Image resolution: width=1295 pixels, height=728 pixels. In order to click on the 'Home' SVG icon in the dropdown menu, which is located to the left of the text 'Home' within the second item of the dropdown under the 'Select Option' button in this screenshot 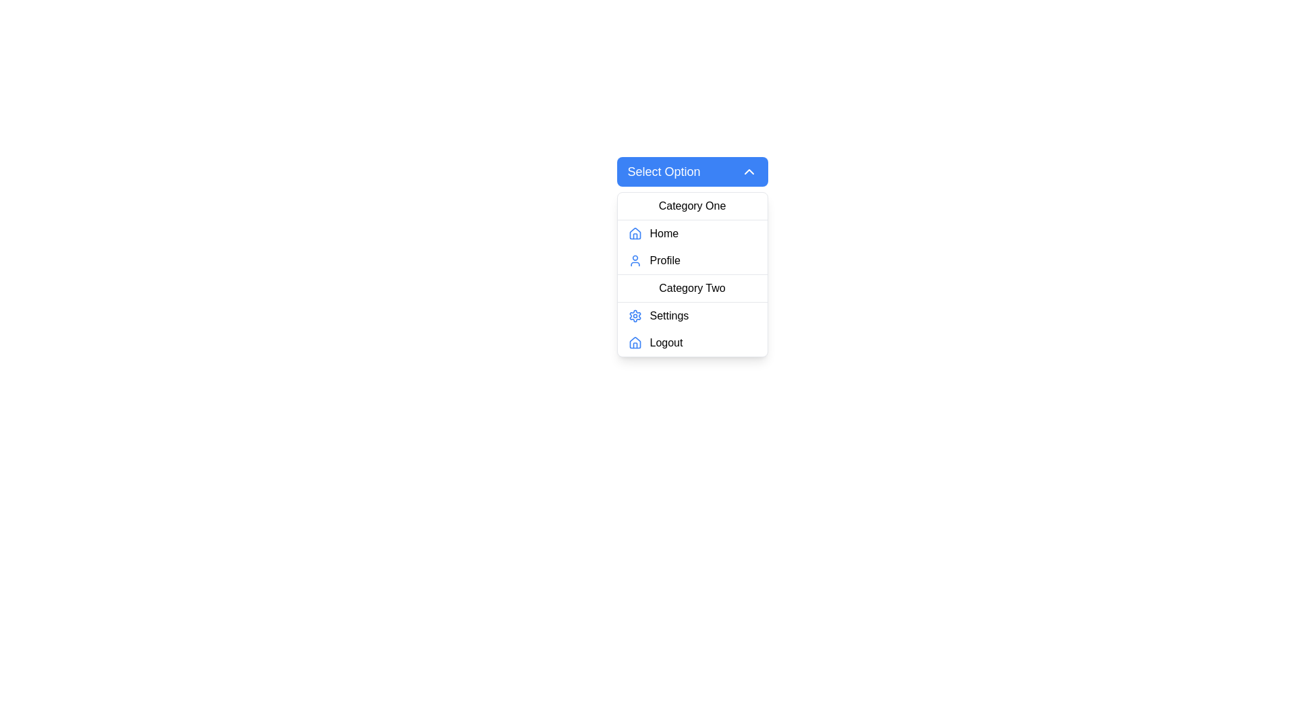, I will do `click(634, 233)`.